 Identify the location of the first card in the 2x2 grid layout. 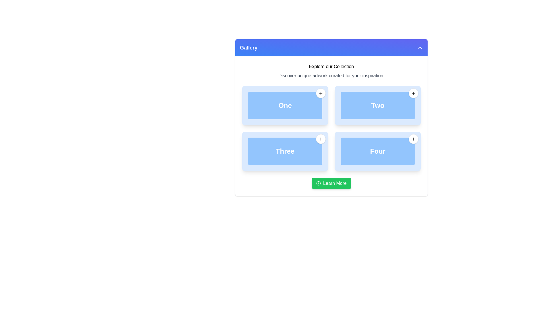
(285, 106).